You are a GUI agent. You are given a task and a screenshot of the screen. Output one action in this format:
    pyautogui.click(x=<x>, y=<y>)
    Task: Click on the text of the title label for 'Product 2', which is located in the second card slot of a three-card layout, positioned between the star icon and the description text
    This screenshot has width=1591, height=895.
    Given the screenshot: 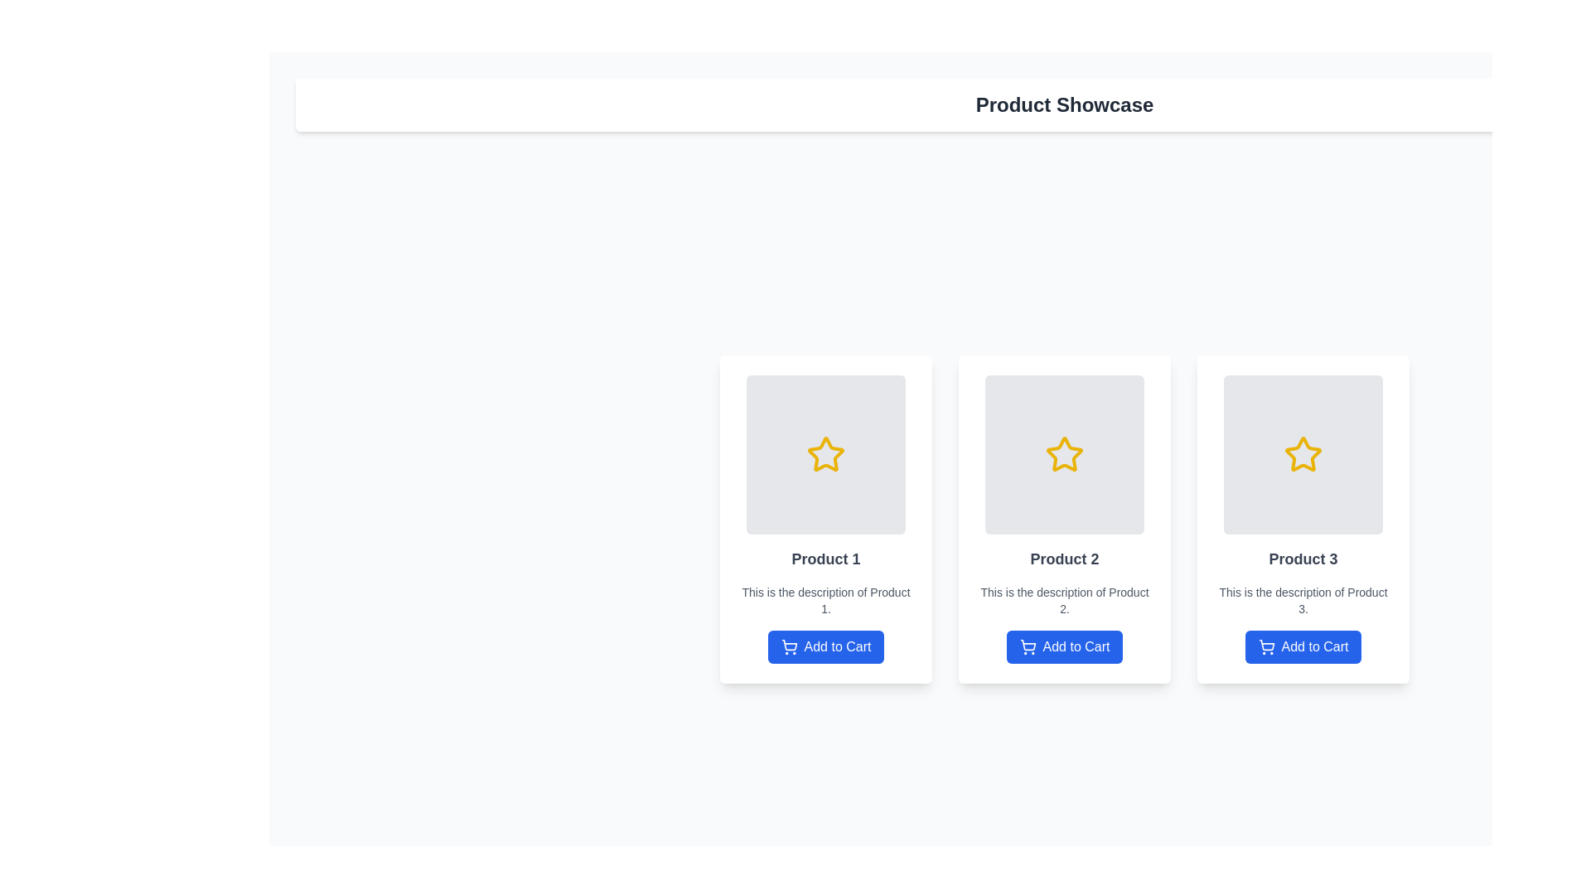 What is the action you would take?
    pyautogui.click(x=1065, y=559)
    